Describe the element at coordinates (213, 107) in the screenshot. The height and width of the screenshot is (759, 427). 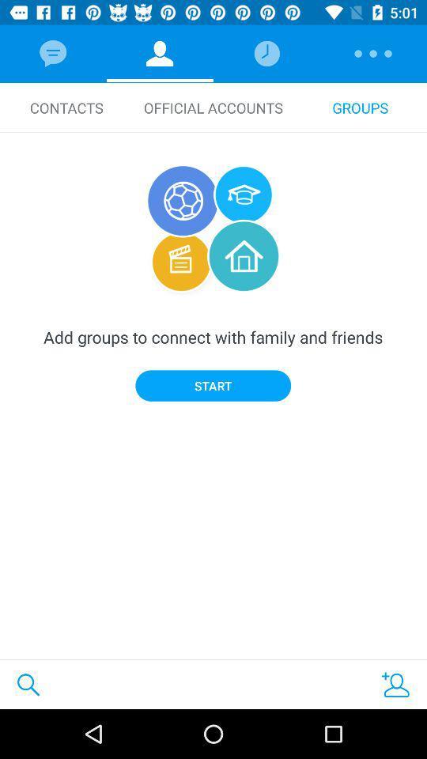
I see `item to the left of groups icon` at that location.